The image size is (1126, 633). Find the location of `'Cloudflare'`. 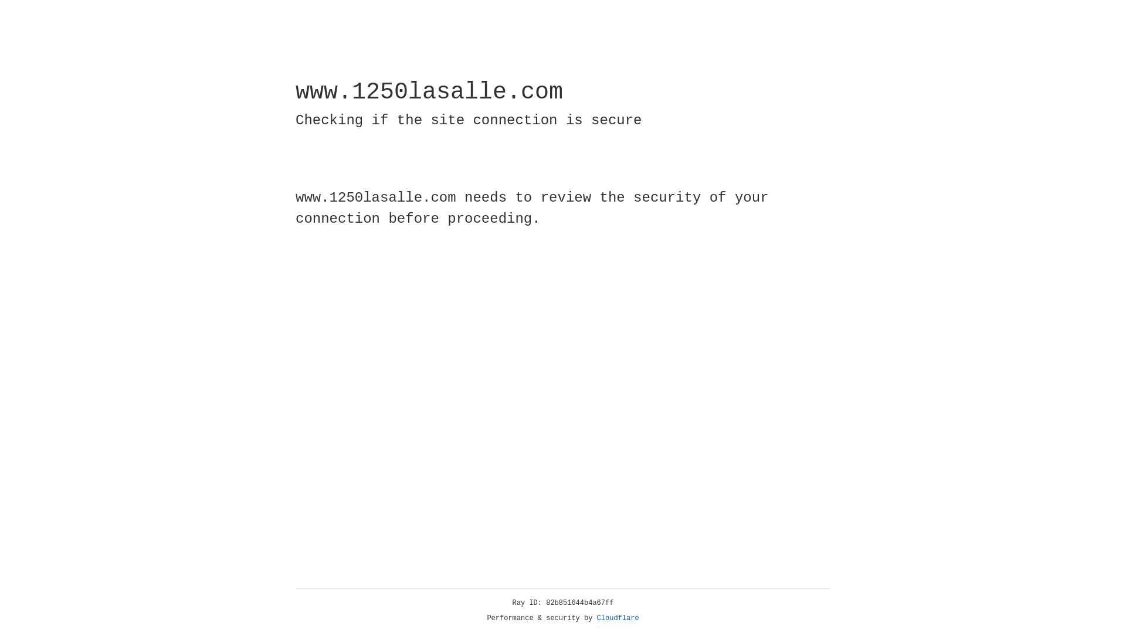

'Cloudflare' is located at coordinates (618, 618).